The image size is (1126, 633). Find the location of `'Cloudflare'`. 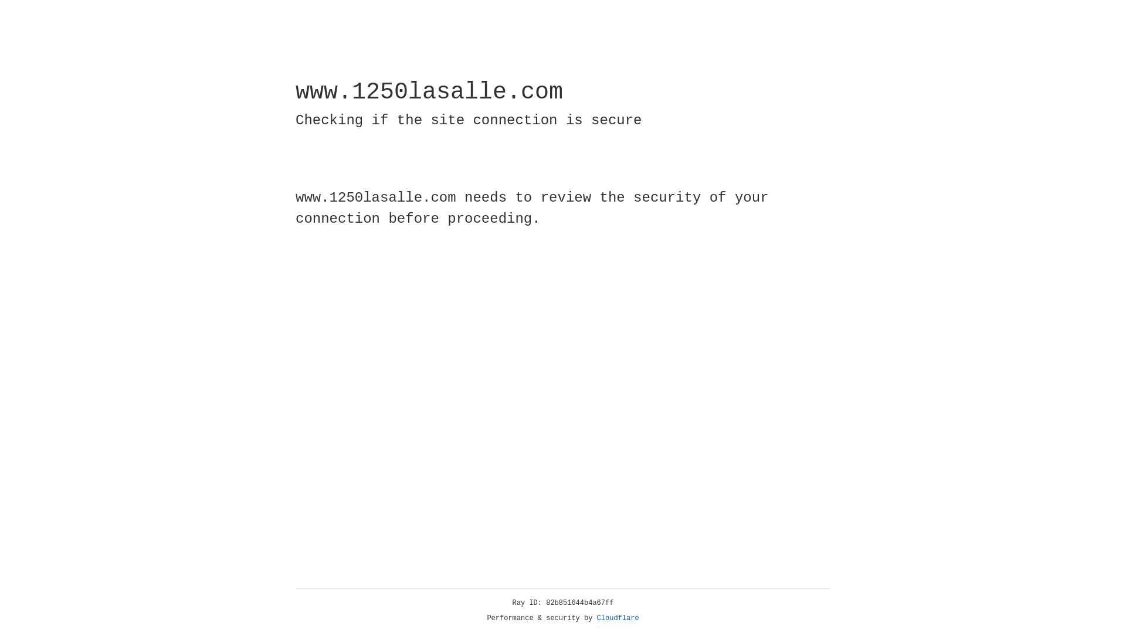

'Cloudflare' is located at coordinates (618, 618).